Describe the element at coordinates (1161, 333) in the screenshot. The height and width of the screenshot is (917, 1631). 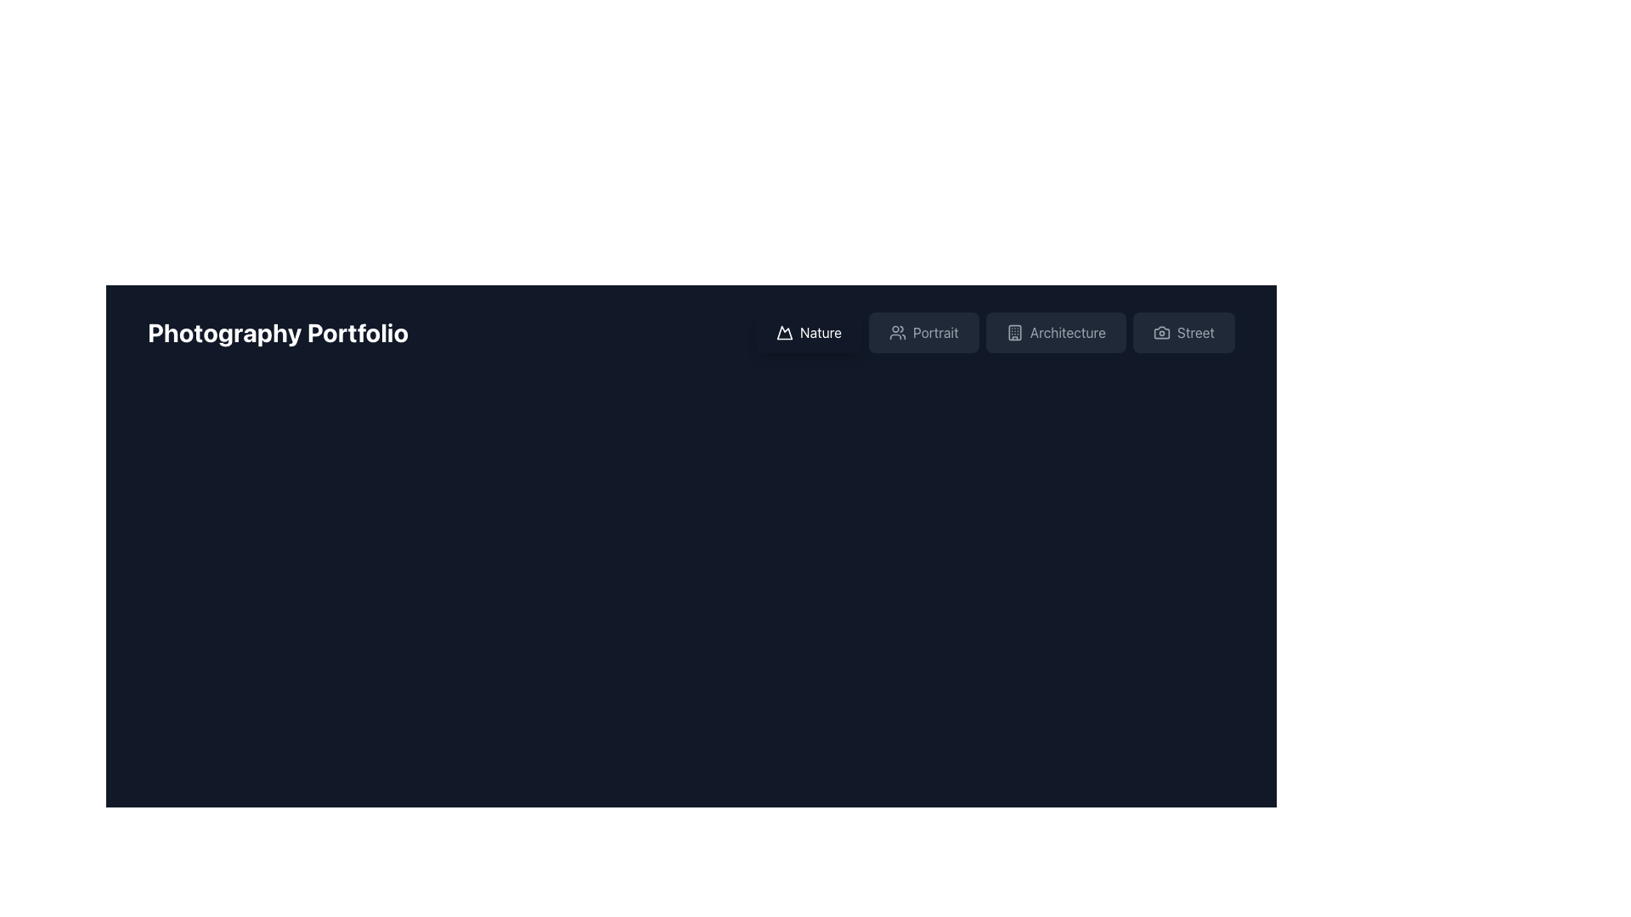
I see `the camera-shaped icon within the 'Street' button to filter content related to street photography` at that location.